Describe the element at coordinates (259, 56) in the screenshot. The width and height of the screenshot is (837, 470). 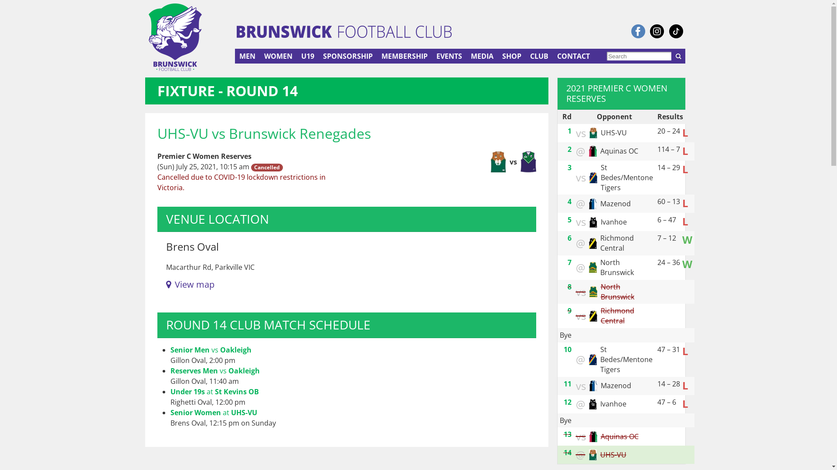
I see `'WOMEN'` at that location.